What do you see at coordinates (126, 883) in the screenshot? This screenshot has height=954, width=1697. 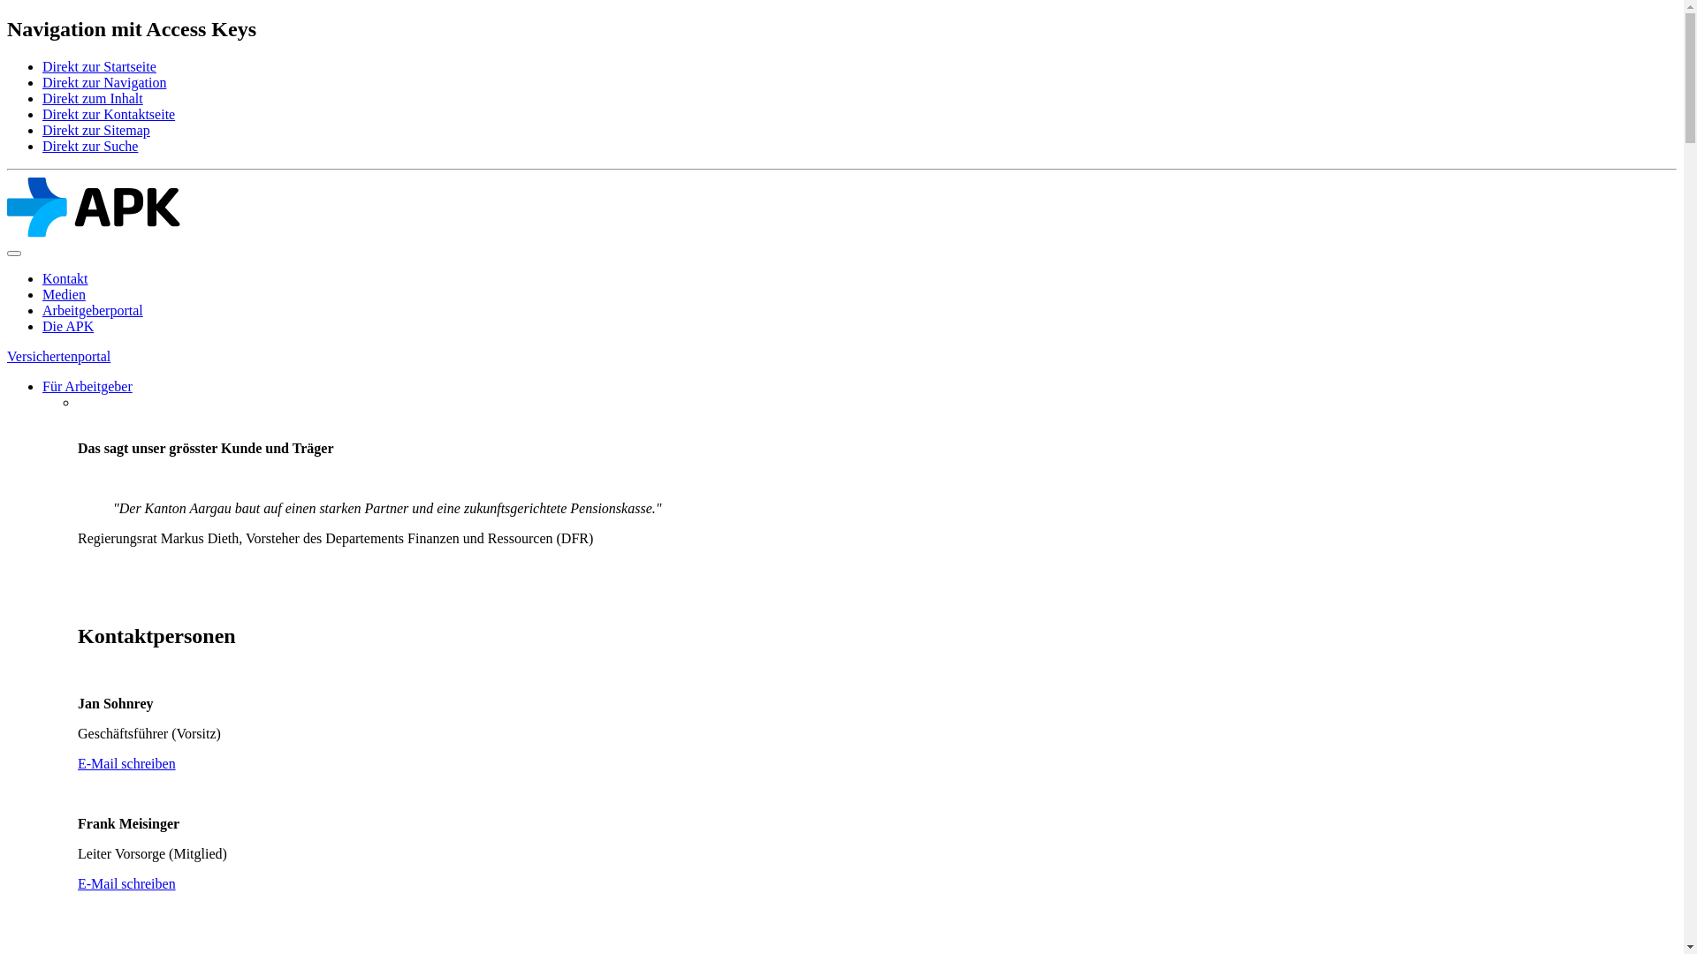 I see `'E-Mail schreiben'` at bounding box center [126, 883].